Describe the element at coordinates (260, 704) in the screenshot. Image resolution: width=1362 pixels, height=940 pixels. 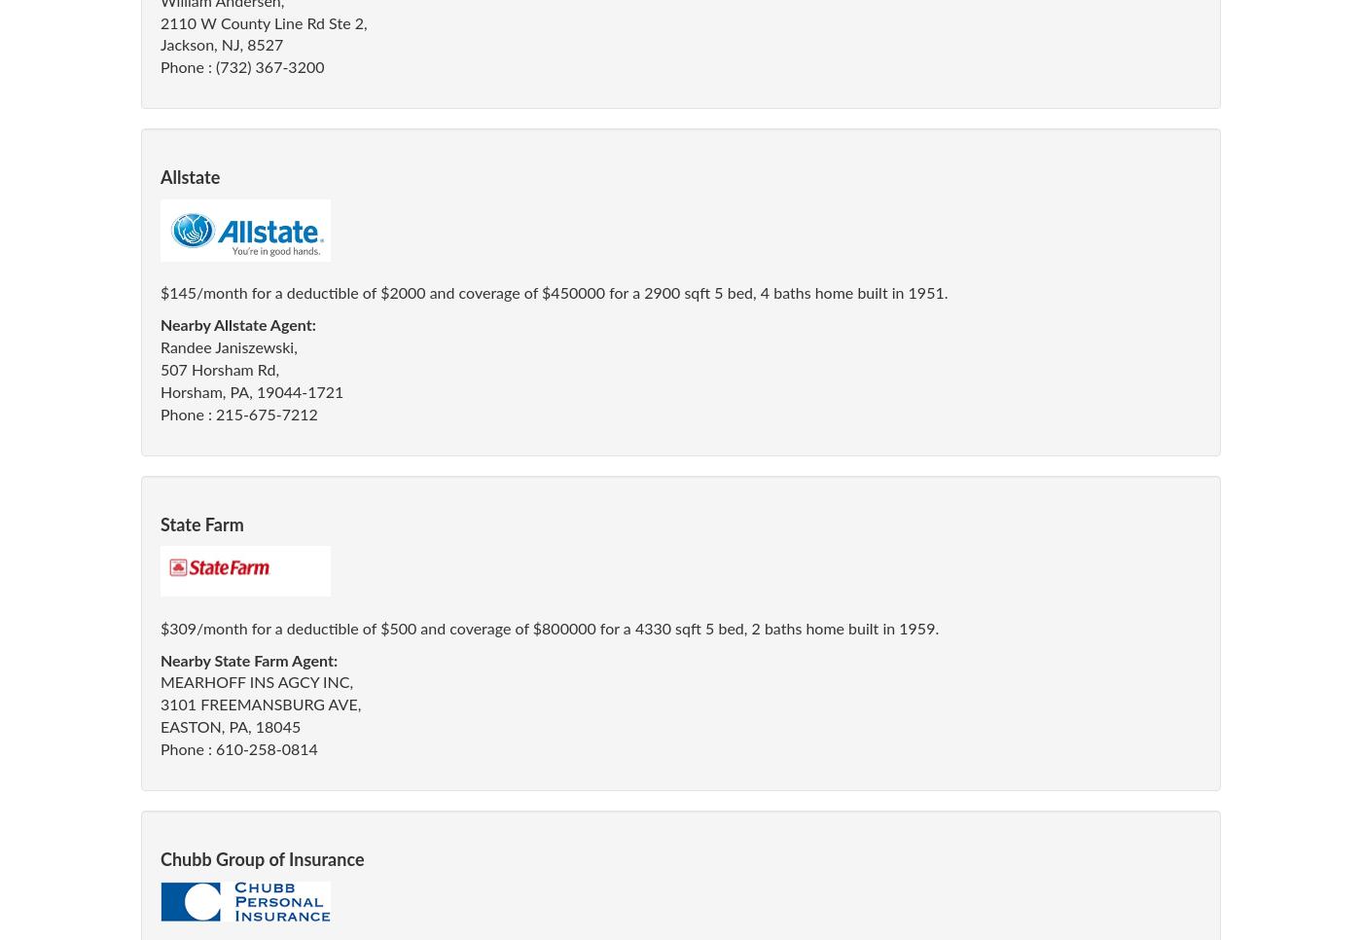
I see `'3101 FREEMANSBURG AVE,'` at that location.